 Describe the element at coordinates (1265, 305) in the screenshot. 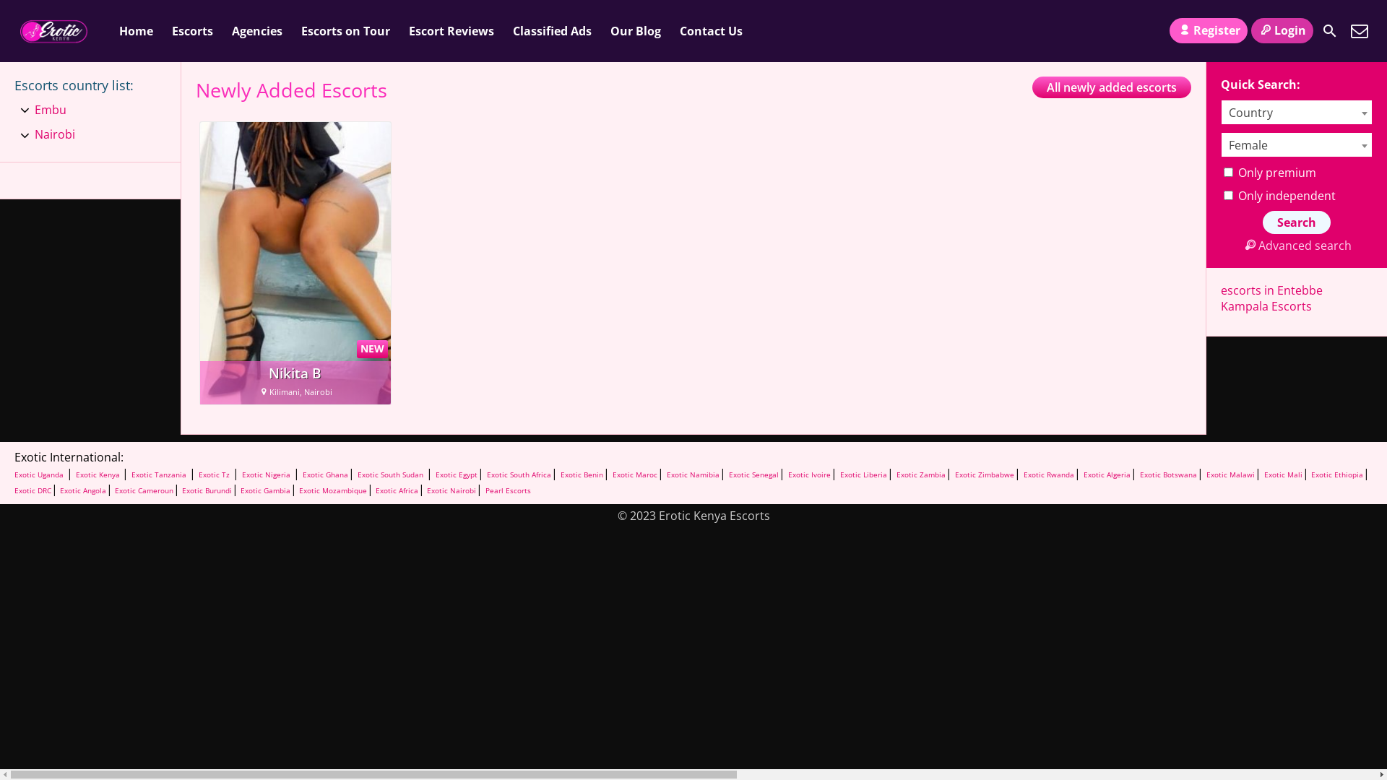

I see `'Kampala Escorts'` at that location.